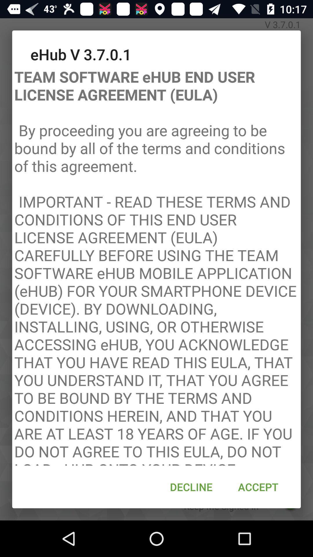  I want to click on the item below the team software ehub item, so click(191, 487).